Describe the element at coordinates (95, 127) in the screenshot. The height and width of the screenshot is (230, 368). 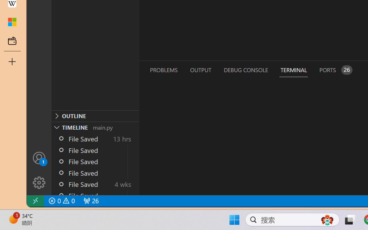
I see `'Timeline Section'` at that location.